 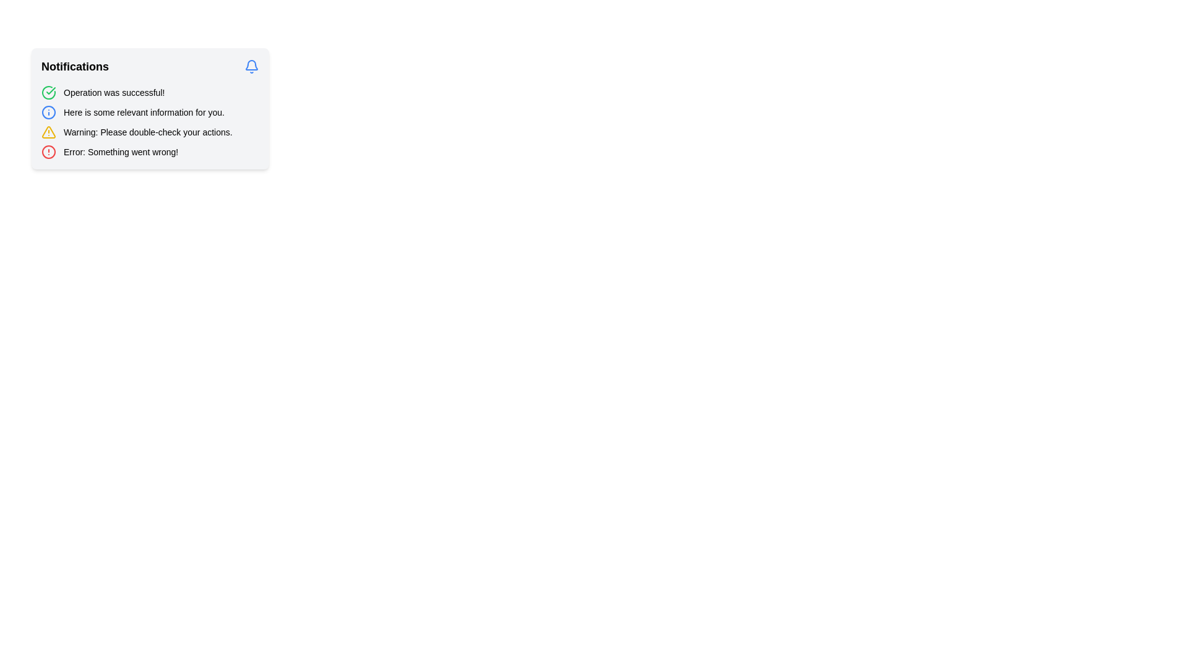 I want to click on the success icon located on the left side of the notification item that indicates 'Operation was successful!', so click(x=48, y=92).